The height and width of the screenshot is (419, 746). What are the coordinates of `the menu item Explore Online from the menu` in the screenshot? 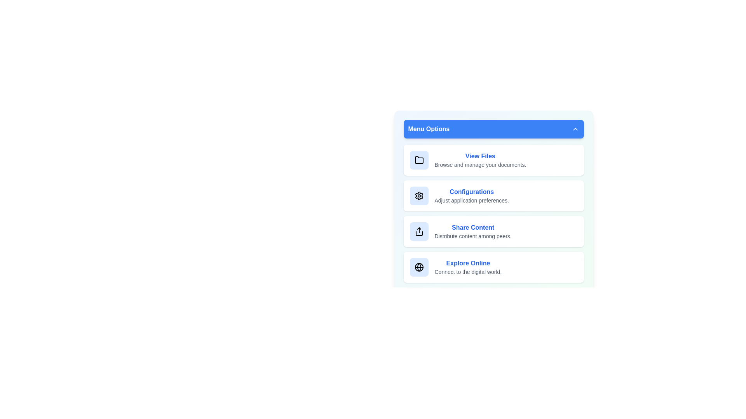 It's located at (493, 267).